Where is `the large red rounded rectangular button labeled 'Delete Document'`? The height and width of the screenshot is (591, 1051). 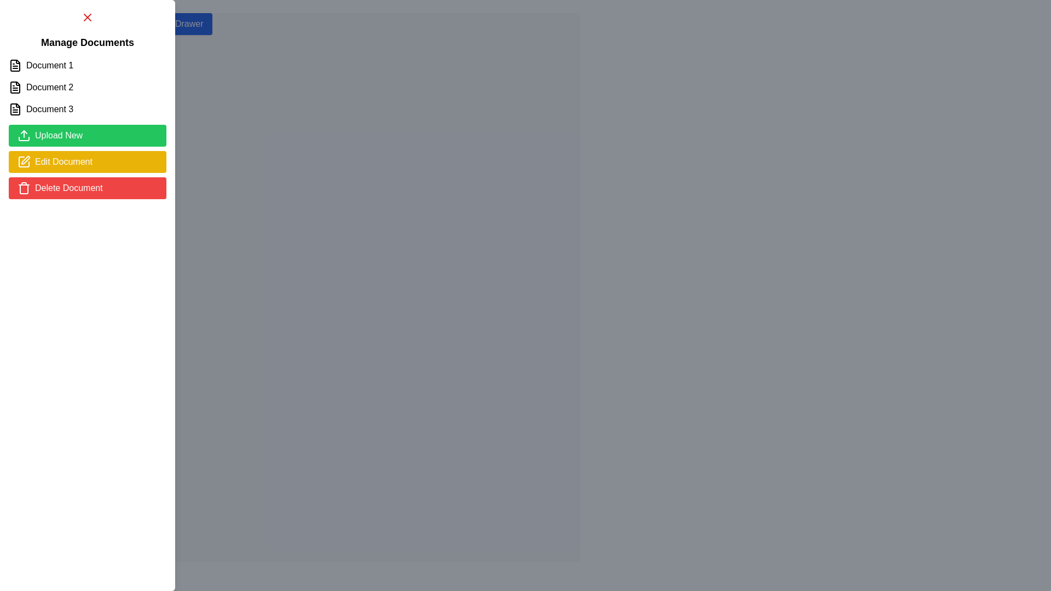 the large red rounded rectangular button labeled 'Delete Document' is located at coordinates (86, 187).